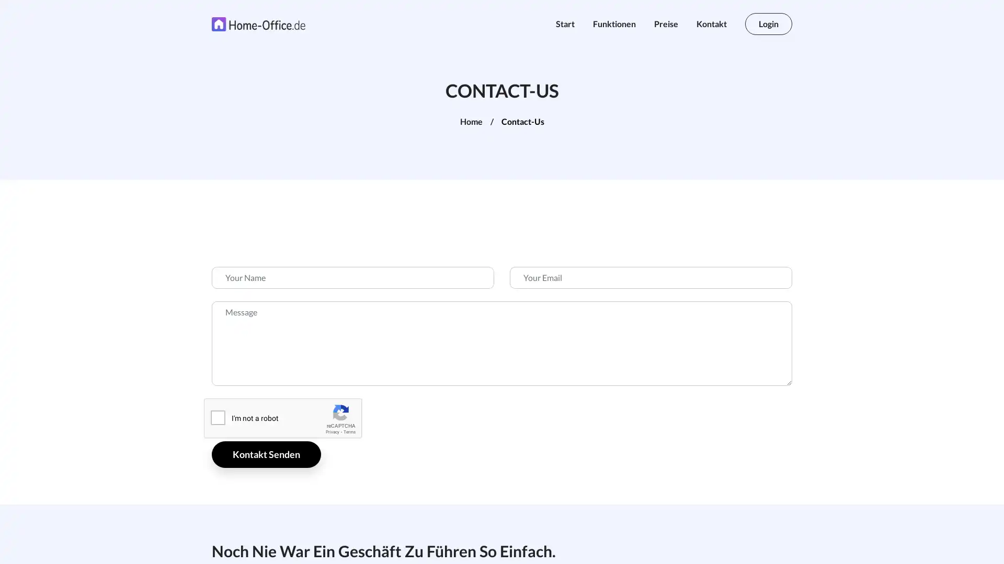 Image resolution: width=1004 pixels, height=564 pixels. I want to click on Kontakt Senden, so click(266, 453).